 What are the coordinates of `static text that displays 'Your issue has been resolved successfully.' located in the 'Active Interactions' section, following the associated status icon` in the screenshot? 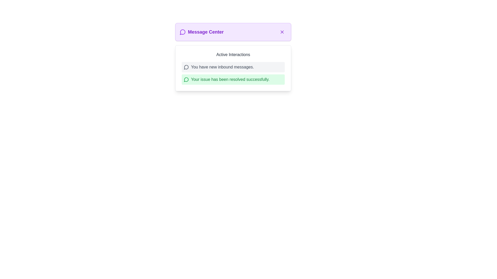 It's located at (230, 80).